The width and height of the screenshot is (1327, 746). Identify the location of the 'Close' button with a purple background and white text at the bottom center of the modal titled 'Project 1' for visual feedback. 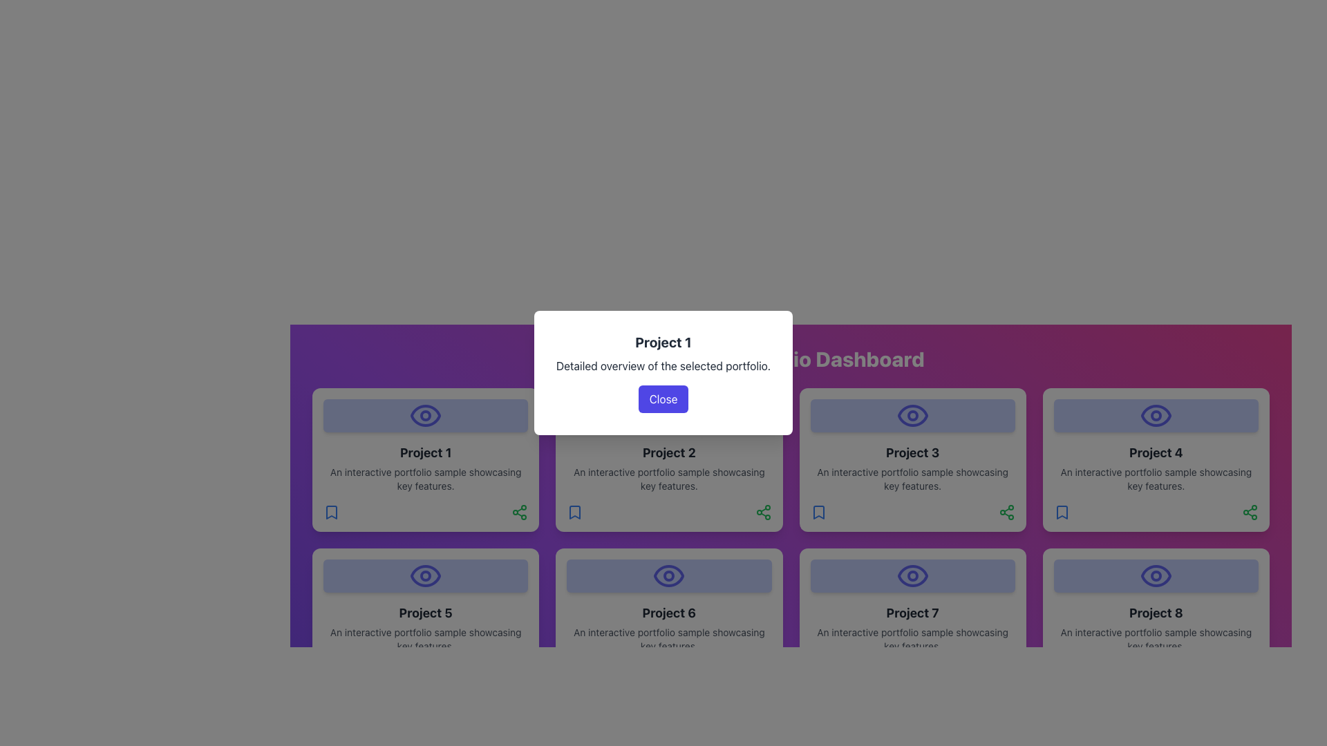
(663, 399).